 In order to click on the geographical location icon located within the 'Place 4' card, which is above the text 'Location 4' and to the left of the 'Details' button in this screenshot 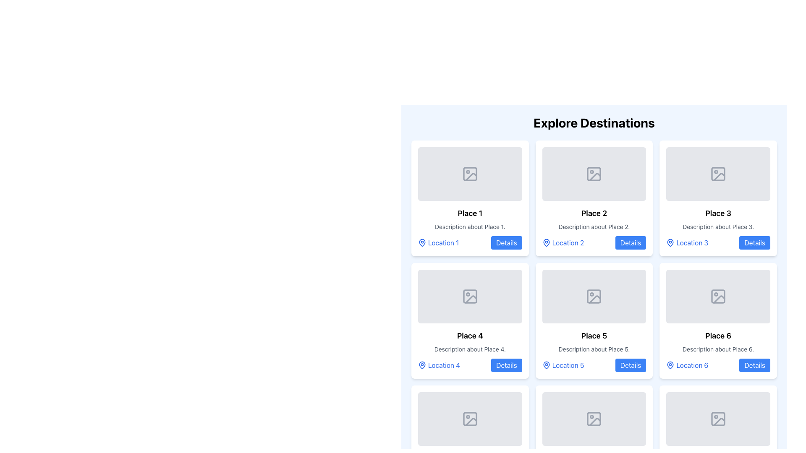, I will do `click(422, 364)`.